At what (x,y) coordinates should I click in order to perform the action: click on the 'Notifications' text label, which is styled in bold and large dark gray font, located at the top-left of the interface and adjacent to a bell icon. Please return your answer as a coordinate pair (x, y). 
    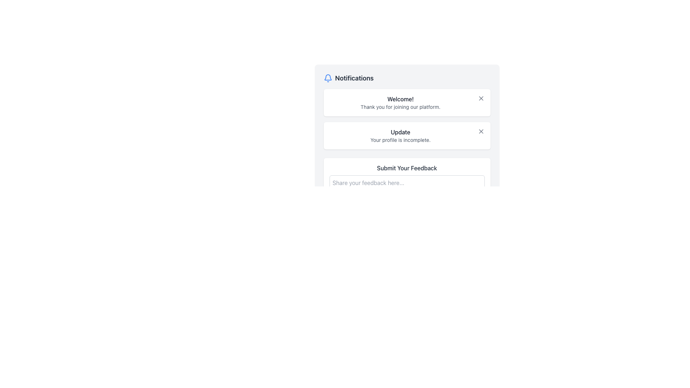
    Looking at the image, I should click on (354, 78).